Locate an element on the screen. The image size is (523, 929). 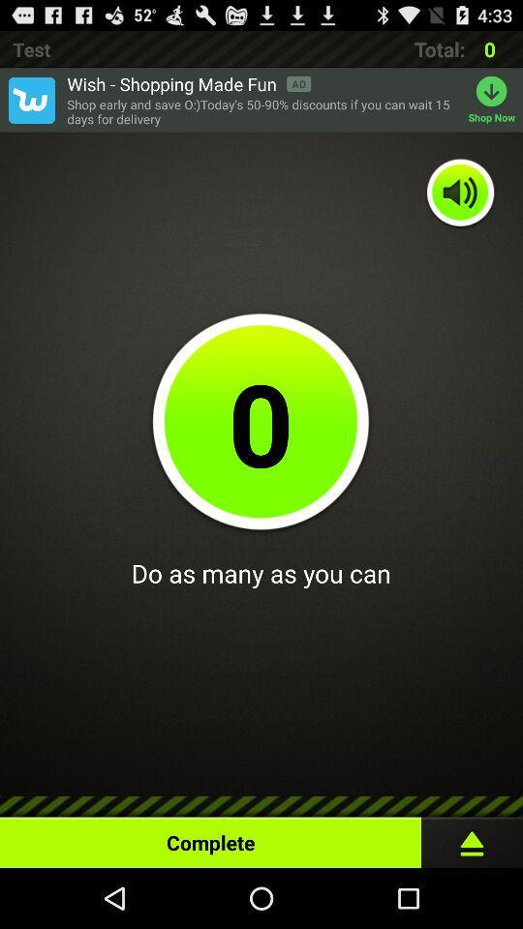
the item next to wish shopping made icon is located at coordinates (30, 100).